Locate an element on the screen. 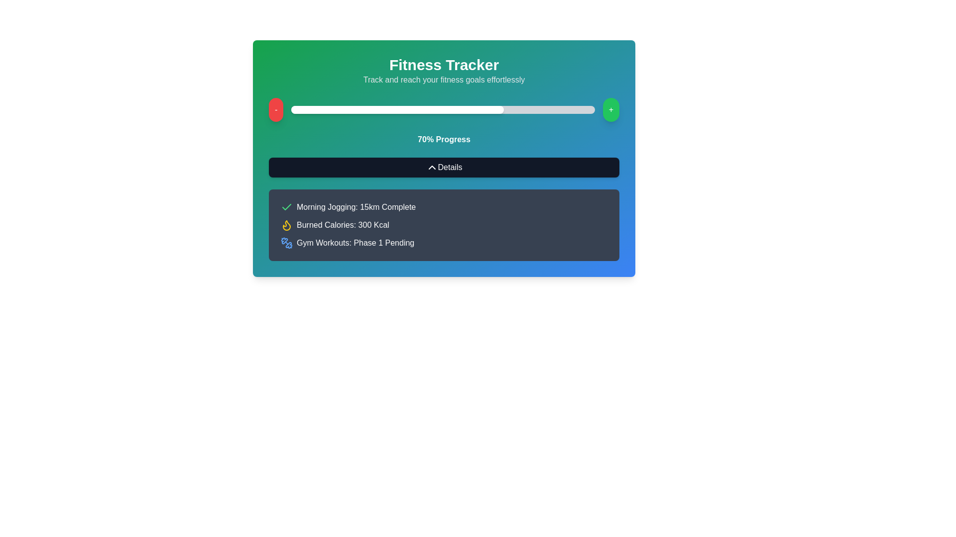 The image size is (956, 537). progress is located at coordinates (406, 109).